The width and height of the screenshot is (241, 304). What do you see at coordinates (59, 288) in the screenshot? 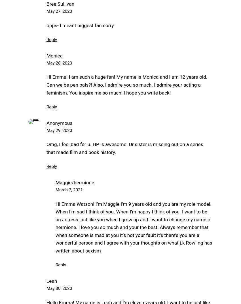
I see `'May 30, 2020'` at bounding box center [59, 288].